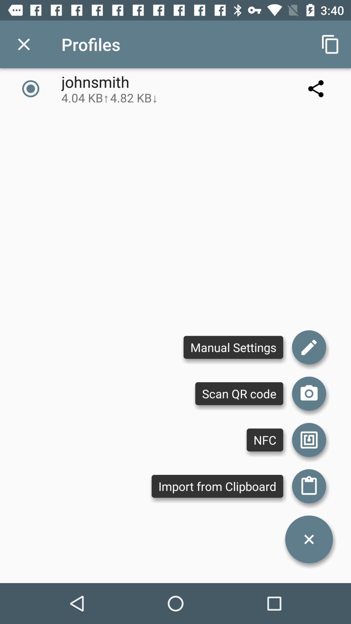 The width and height of the screenshot is (351, 624). Describe the element at coordinates (309, 486) in the screenshot. I see `import from clipboard` at that location.